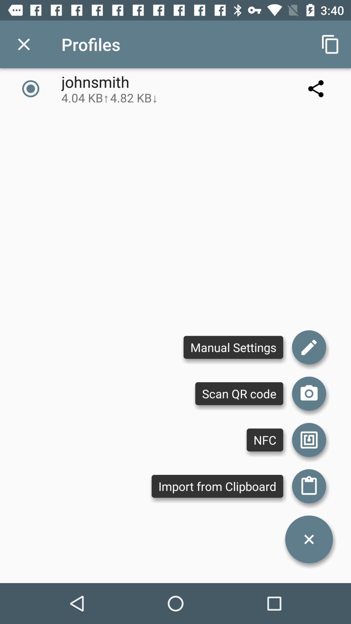 The width and height of the screenshot is (351, 624). Describe the element at coordinates (309, 486) in the screenshot. I see `import from clipboard` at that location.